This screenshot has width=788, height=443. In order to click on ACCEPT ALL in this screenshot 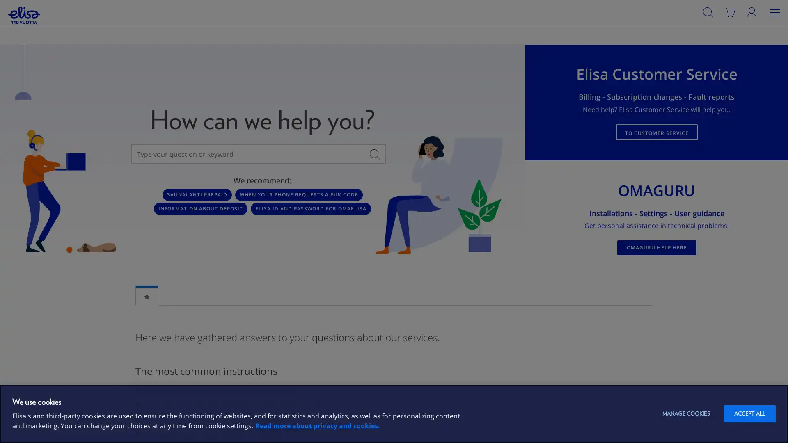, I will do `click(749, 414)`.